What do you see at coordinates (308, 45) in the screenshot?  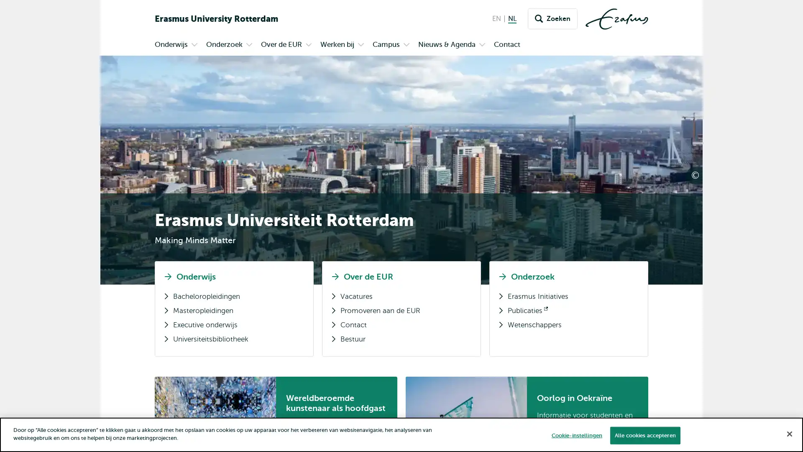 I see `Open submenu` at bounding box center [308, 45].